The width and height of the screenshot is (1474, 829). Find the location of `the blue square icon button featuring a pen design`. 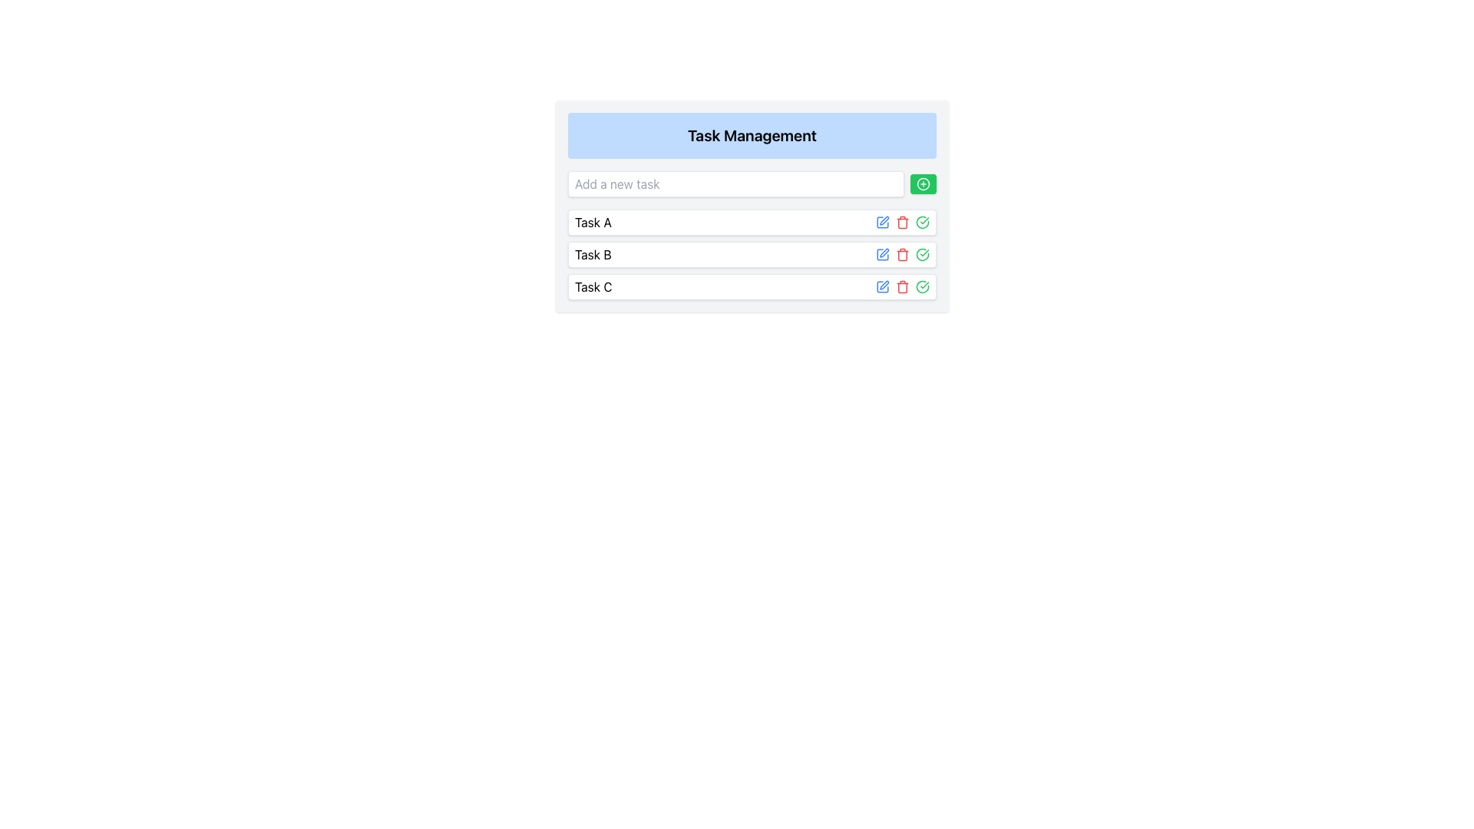

the blue square icon button featuring a pen design is located at coordinates (883, 253).